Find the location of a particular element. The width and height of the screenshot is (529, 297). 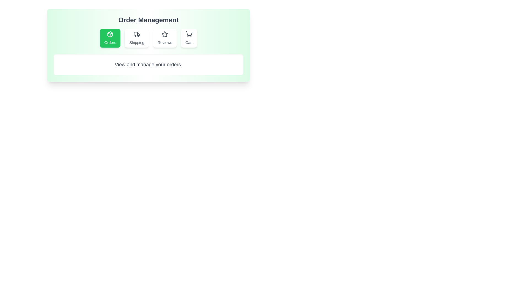

the 'Shipping' icon, which is the second button from the left in the 'Order Management' section is located at coordinates (137, 34).